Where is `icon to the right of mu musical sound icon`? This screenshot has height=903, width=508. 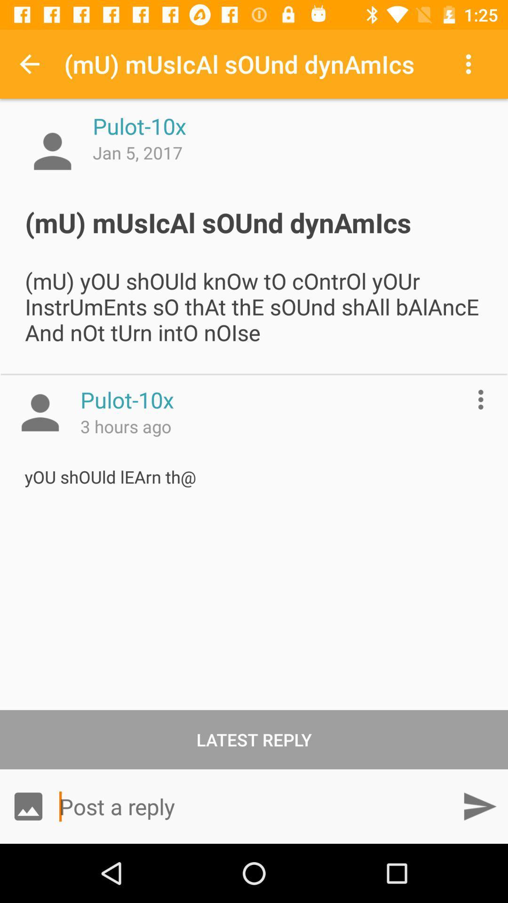
icon to the right of mu musical sound icon is located at coordinates (471, 63).